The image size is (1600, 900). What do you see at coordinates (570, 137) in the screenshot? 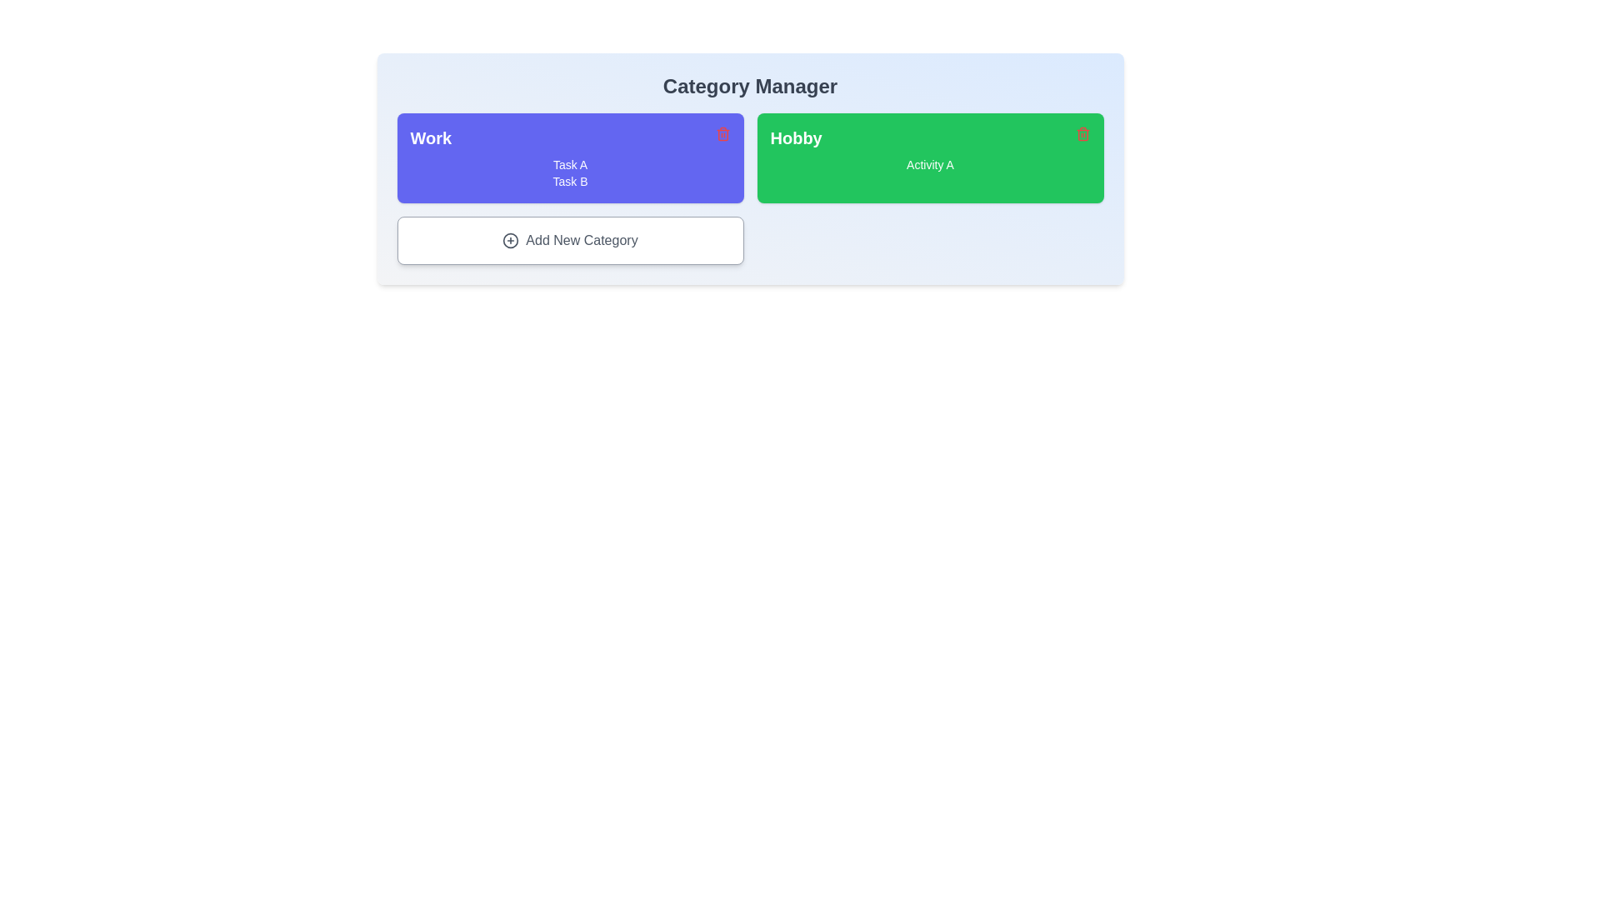
I see `the title of the category Work` at bounding box center [570, 137].